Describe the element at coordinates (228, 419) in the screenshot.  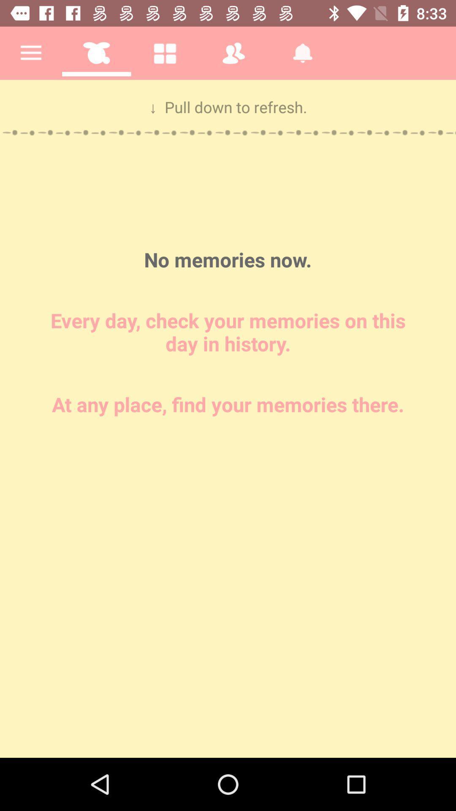
I see `check the memories` at that location.